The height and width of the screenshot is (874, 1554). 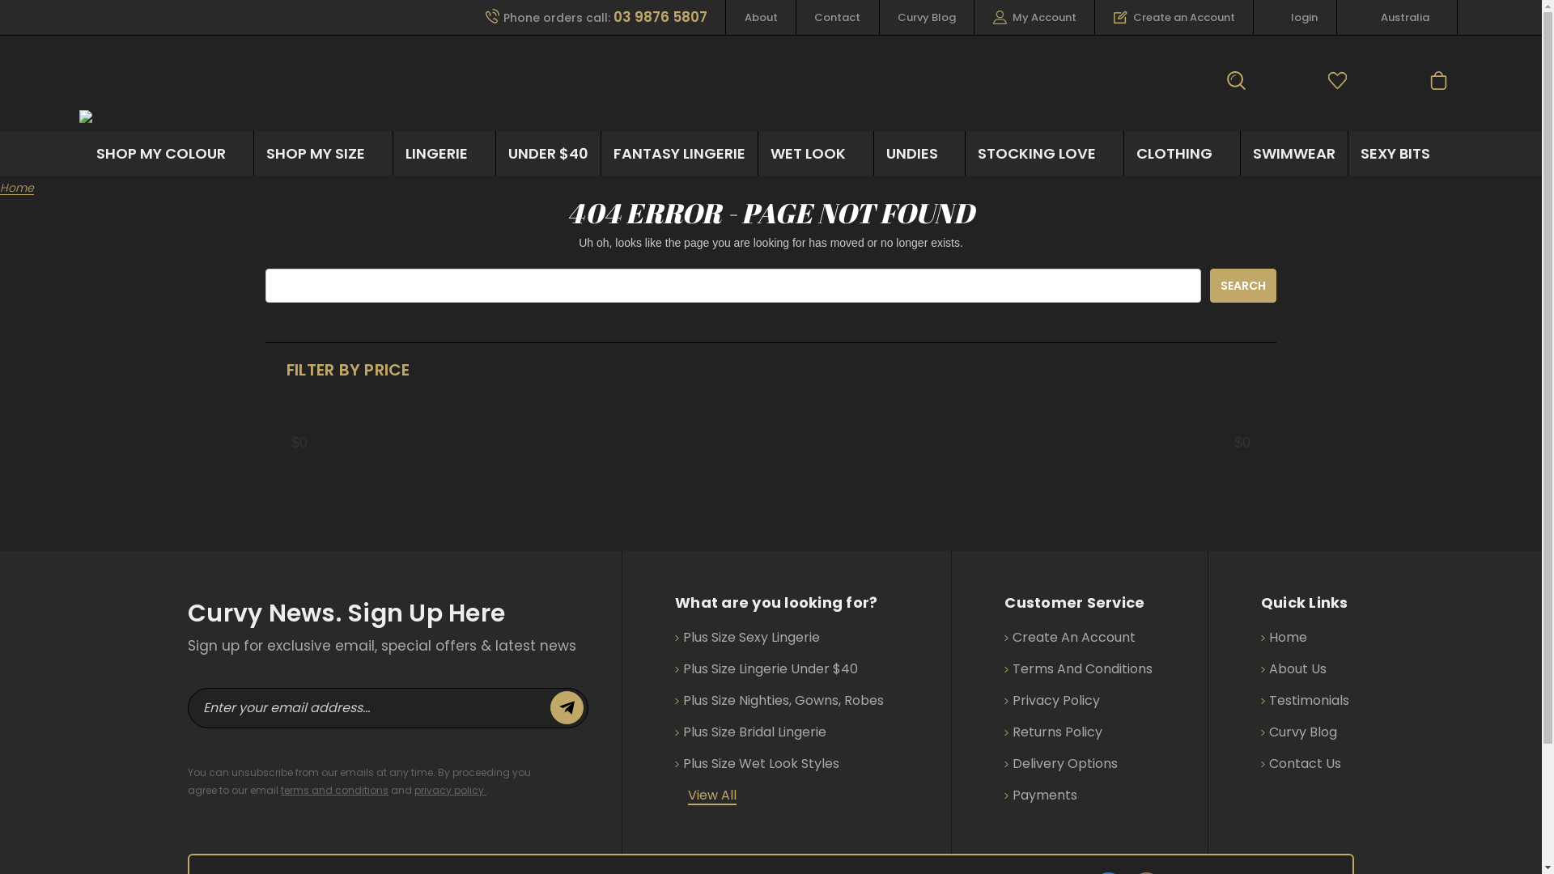 What do you see at coordinates (1004, 700) in the screenshot?
I see `'Privacy Policy'` at bounding box center [1004, 700].